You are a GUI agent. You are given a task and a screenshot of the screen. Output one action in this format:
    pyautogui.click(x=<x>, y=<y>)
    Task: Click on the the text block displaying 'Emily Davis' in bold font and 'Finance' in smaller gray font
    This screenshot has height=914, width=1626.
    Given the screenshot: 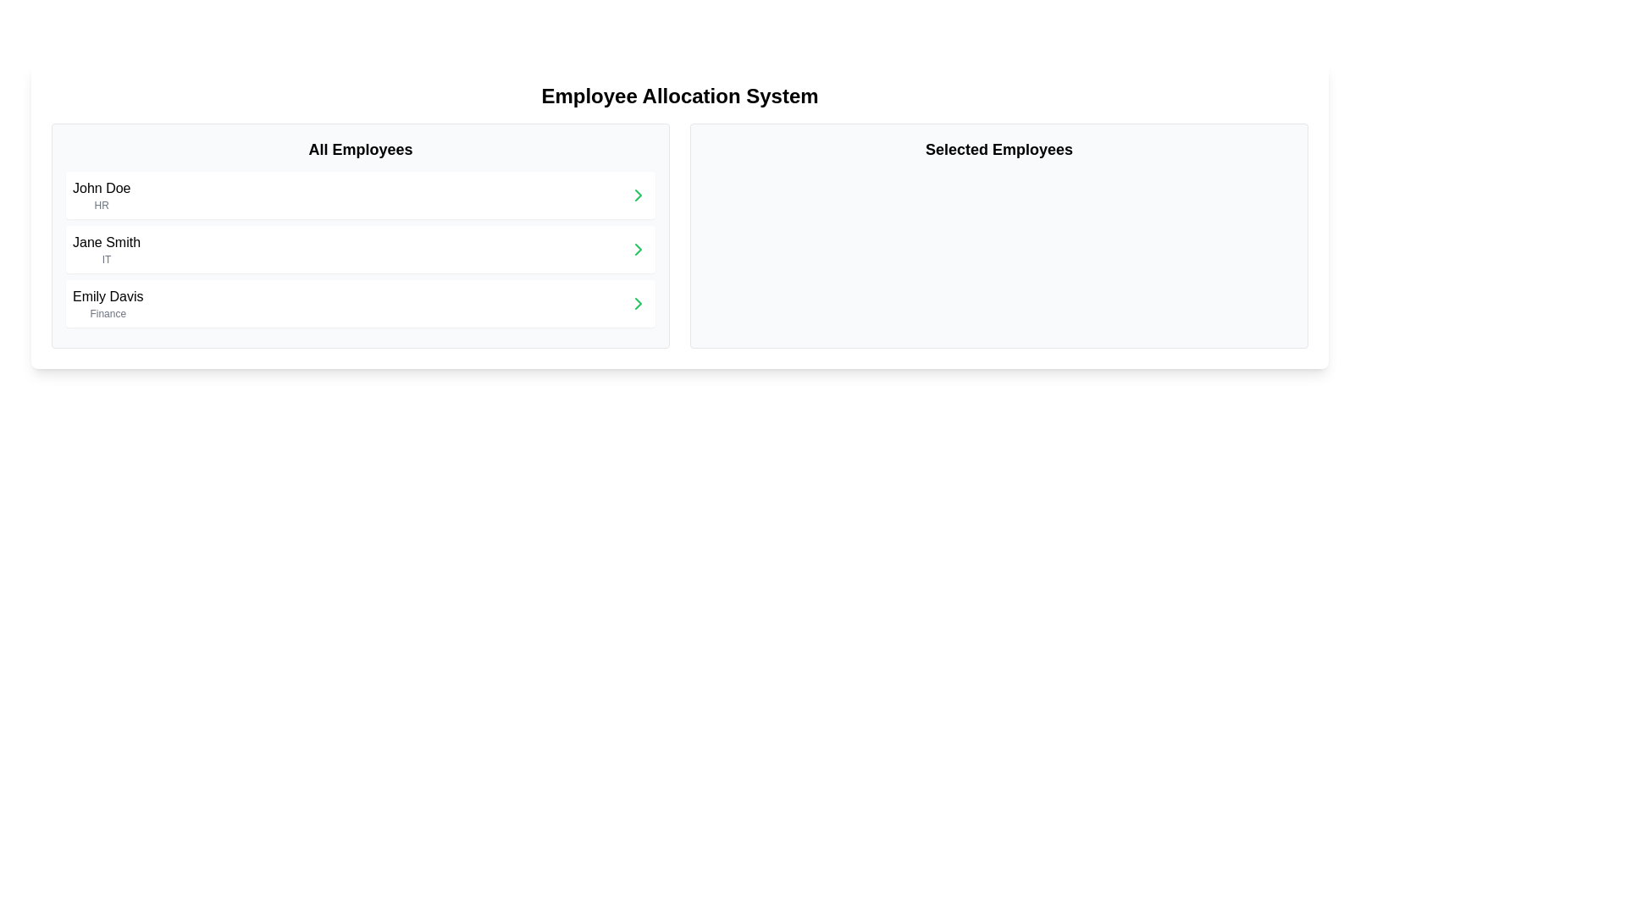 What is the action you would take?
    pyautogui.click(x=107, y=302)
    